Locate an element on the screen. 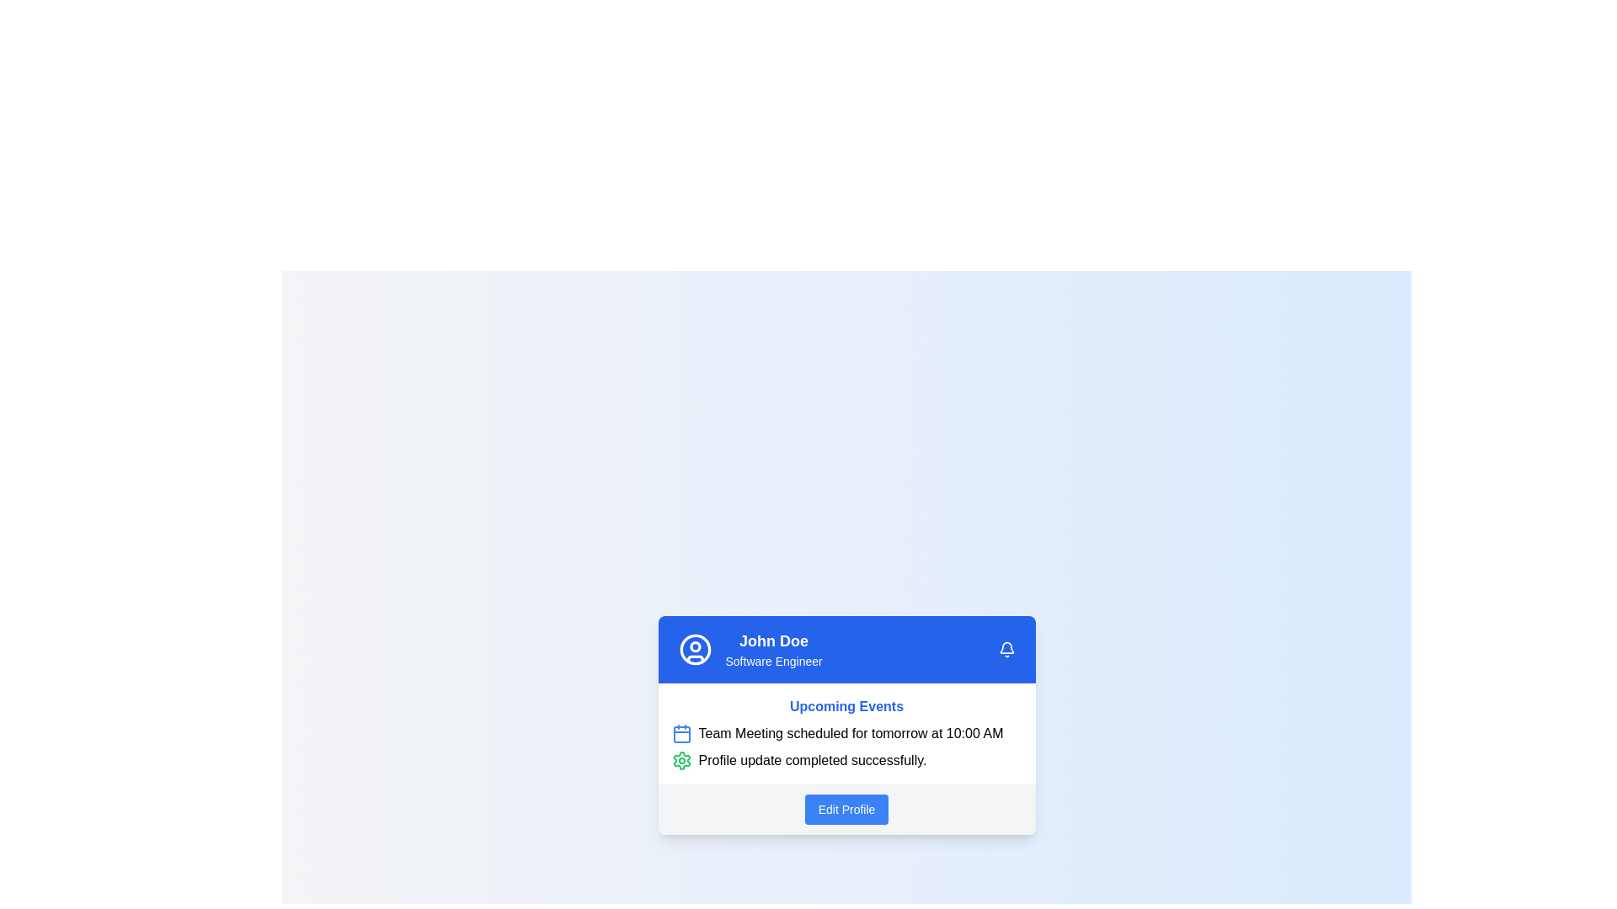  the green gear icon representing settings, located to the left of the 'Profile update completed successfully' text in the notification card at the lower-central area of the interface is located at coordinates (681, 760).